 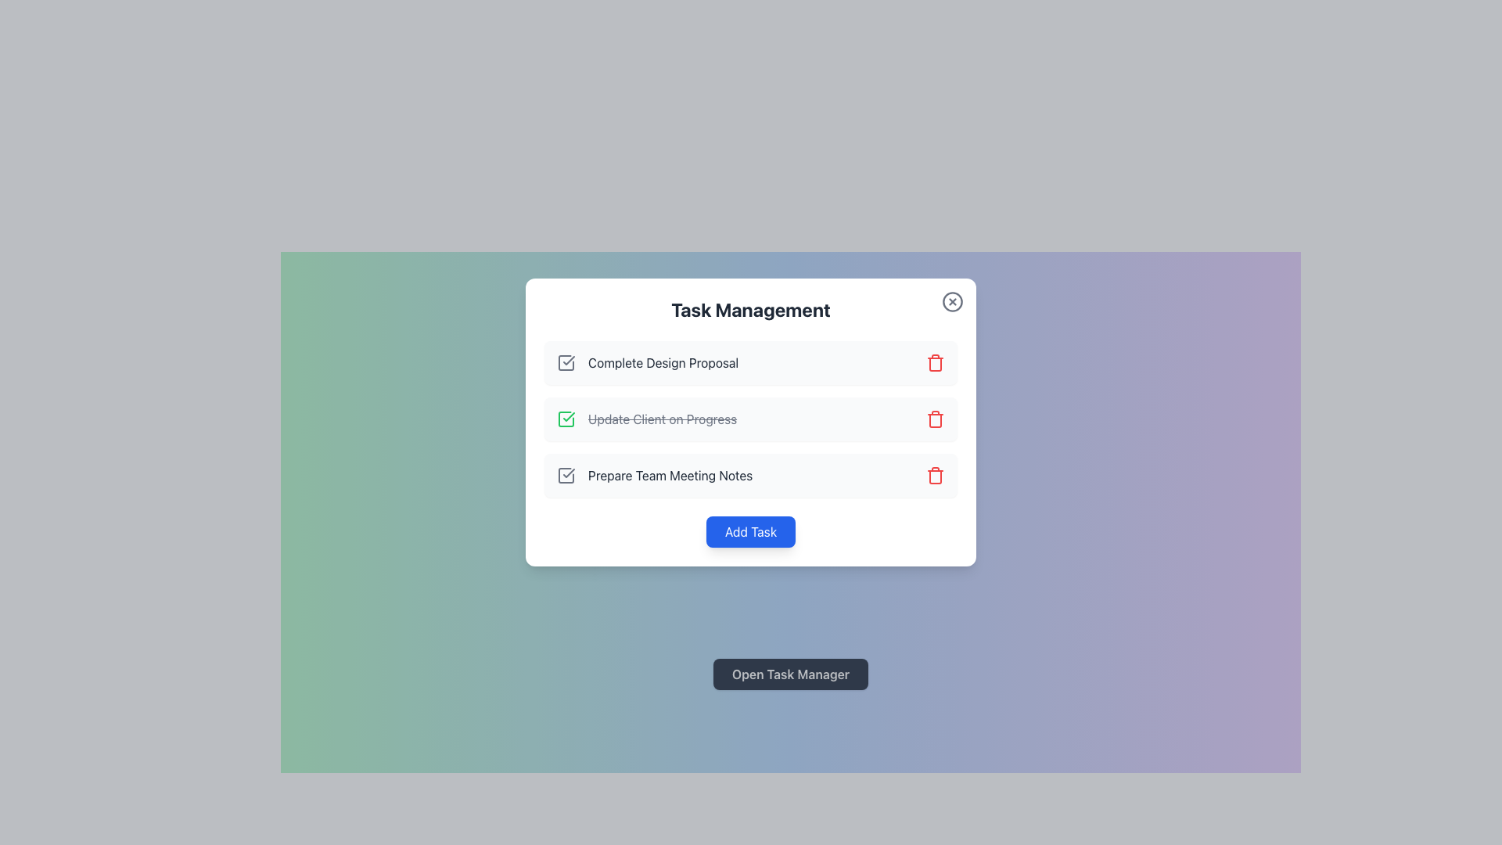 What do you see at coordinates (566, 362) in the screenshot?
I see `the checkbox icon with a check mark inside, located in the top-left section of the task list` at bounding box center [566, 362].